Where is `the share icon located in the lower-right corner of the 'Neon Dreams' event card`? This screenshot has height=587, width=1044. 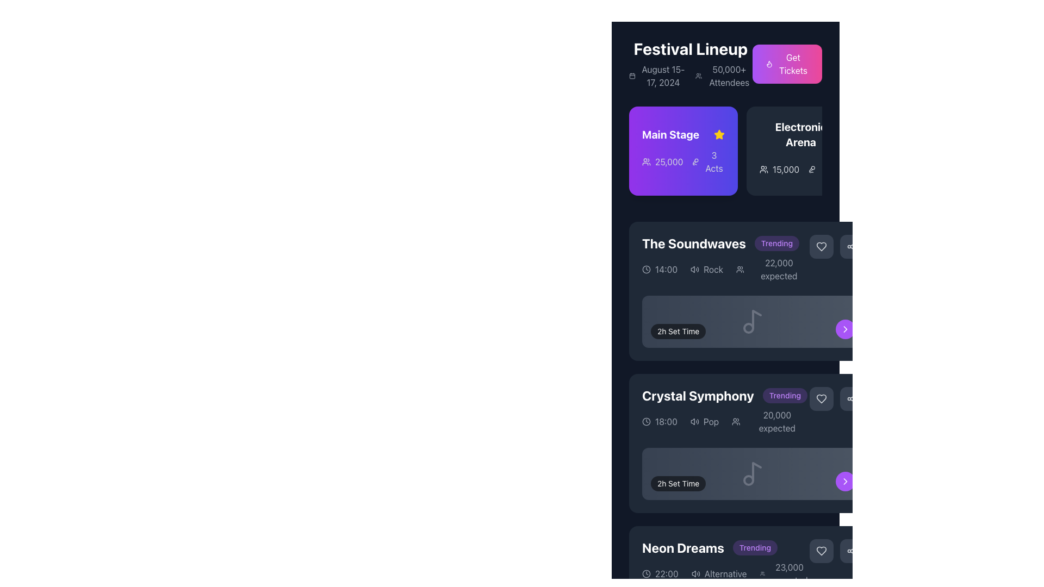
the share icon located in the lower-right corner of the 'Neon Dreams' event card is located at coordinates (851, 551).